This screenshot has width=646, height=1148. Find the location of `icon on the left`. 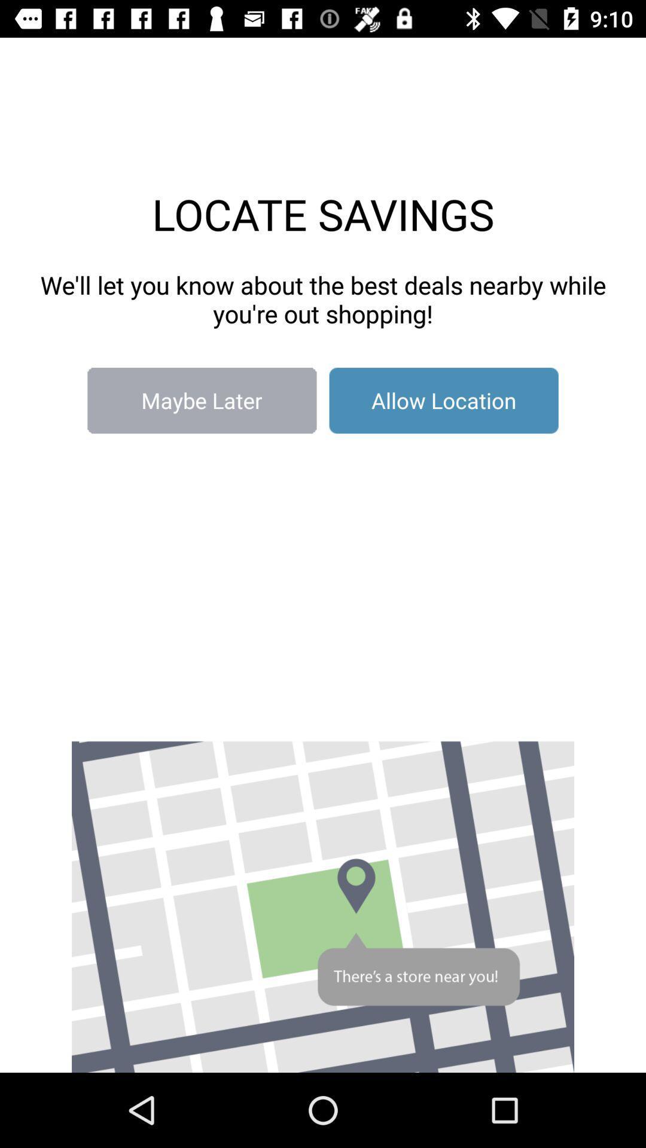

icon on the left is located at coordinates (201, 401).